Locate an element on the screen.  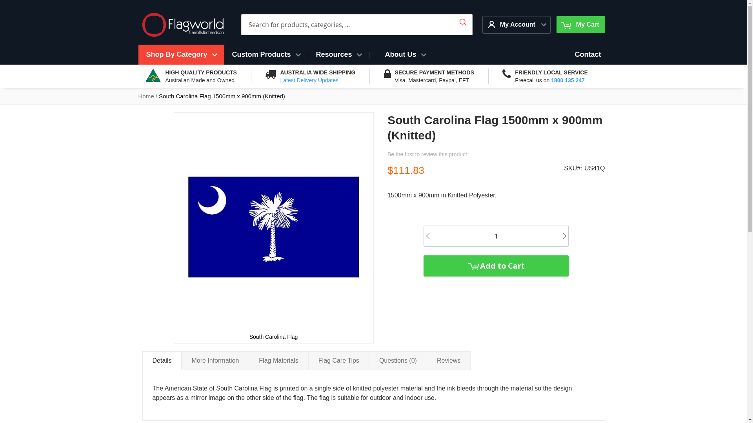
'Home' is located at coordinates (146, 96).